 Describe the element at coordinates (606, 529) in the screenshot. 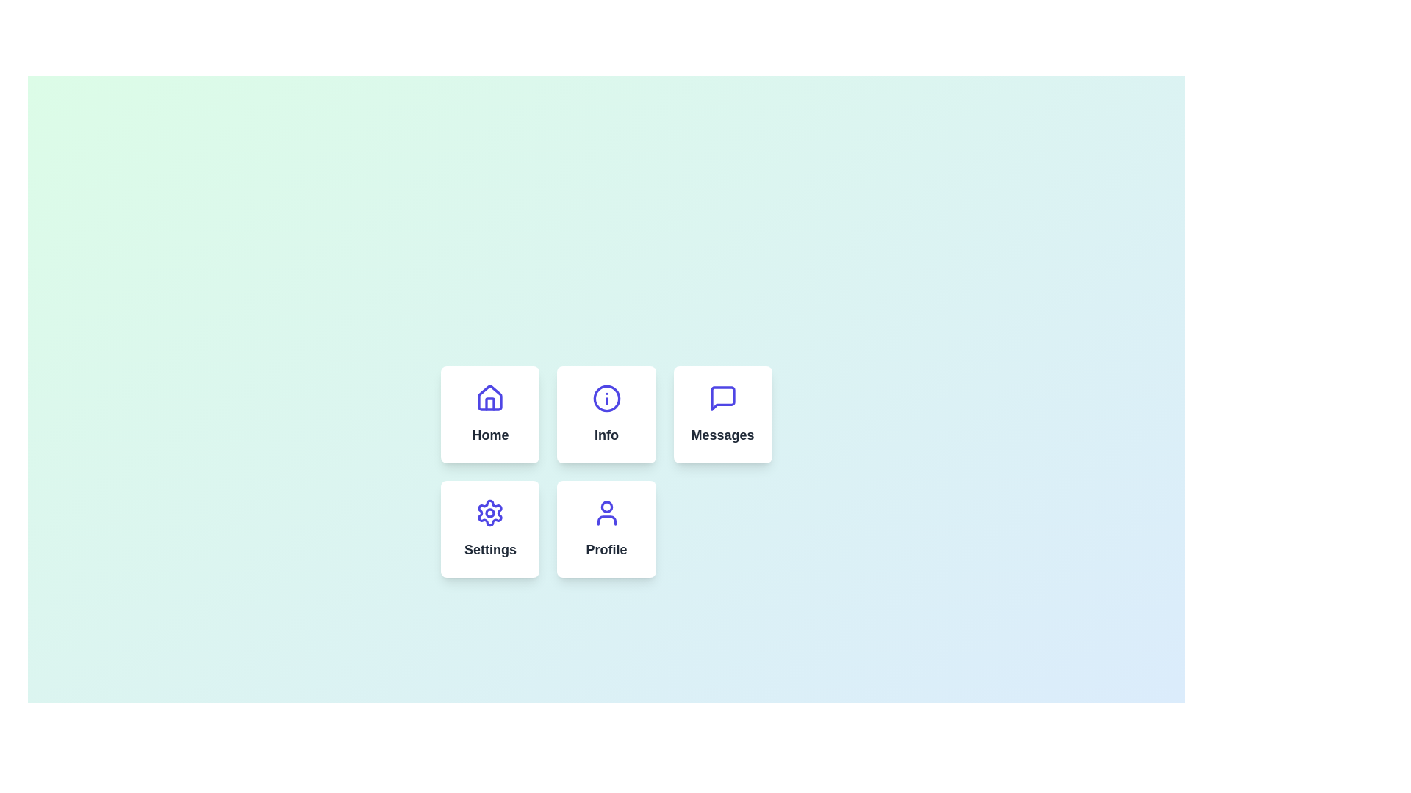

I see `the 'Profile' clickable card located in the second row, second from the left` at that location.